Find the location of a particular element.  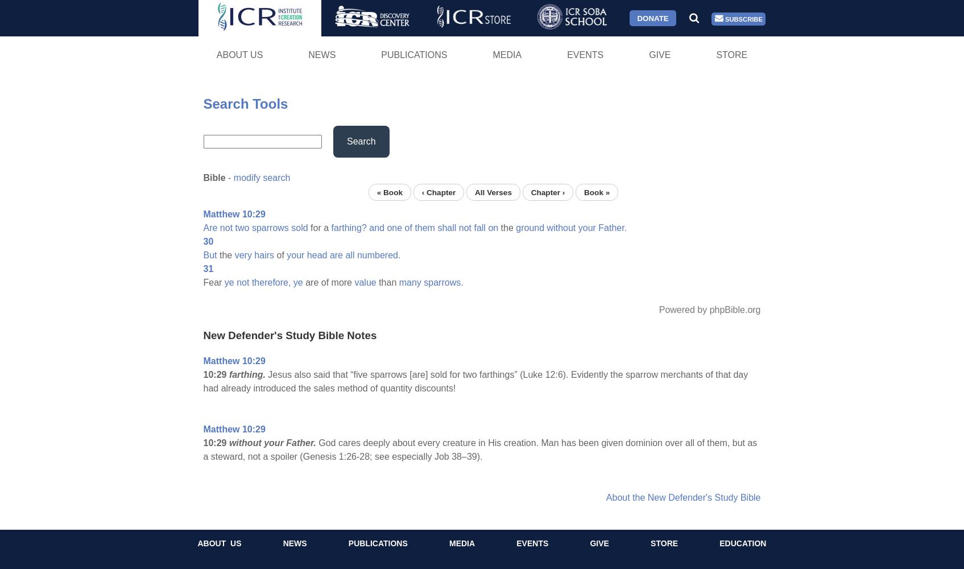

'and' is located at coordinates (377, 228).